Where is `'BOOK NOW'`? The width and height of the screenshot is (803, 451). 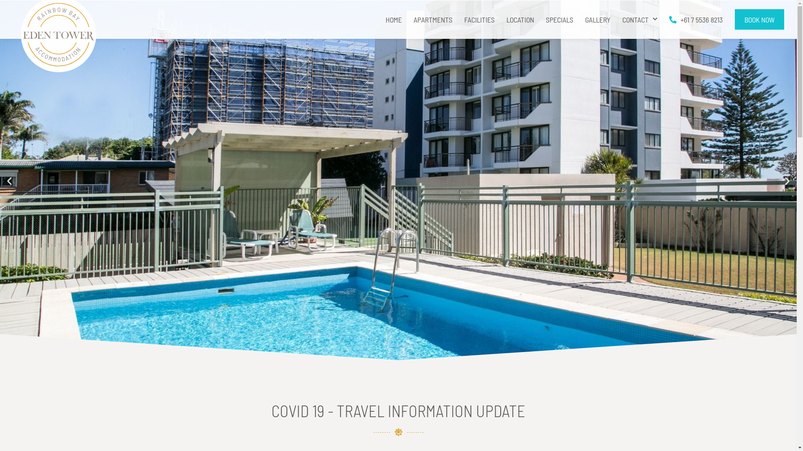
'BOOK NOW' is located at coordinates (759, 19).